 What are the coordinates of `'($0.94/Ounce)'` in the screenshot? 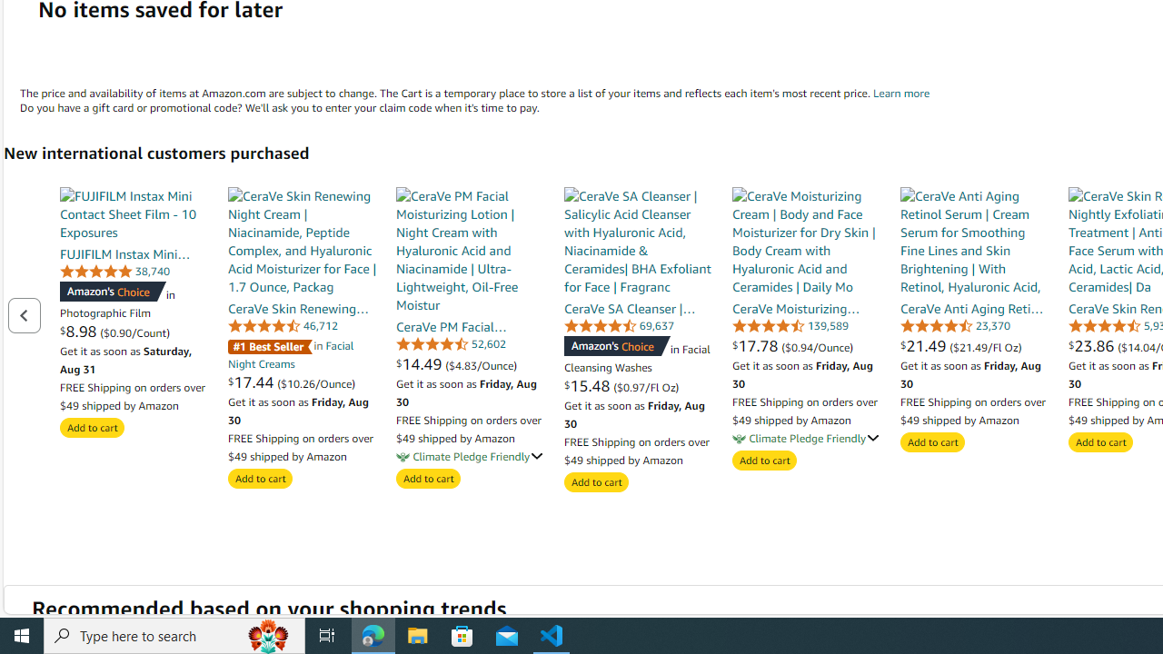 It's located at (816, 346).